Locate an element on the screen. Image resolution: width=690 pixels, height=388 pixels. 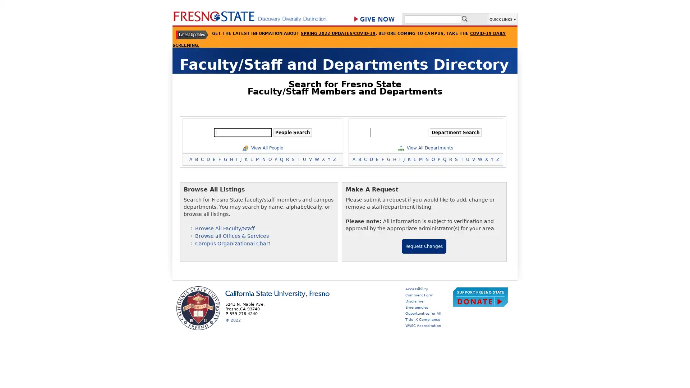
People Search is located at coordinates (292, 133).